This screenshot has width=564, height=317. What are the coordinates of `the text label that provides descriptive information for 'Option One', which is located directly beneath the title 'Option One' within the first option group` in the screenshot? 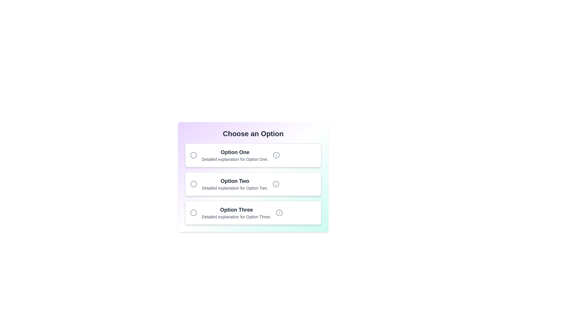 It's located at (235, 159).